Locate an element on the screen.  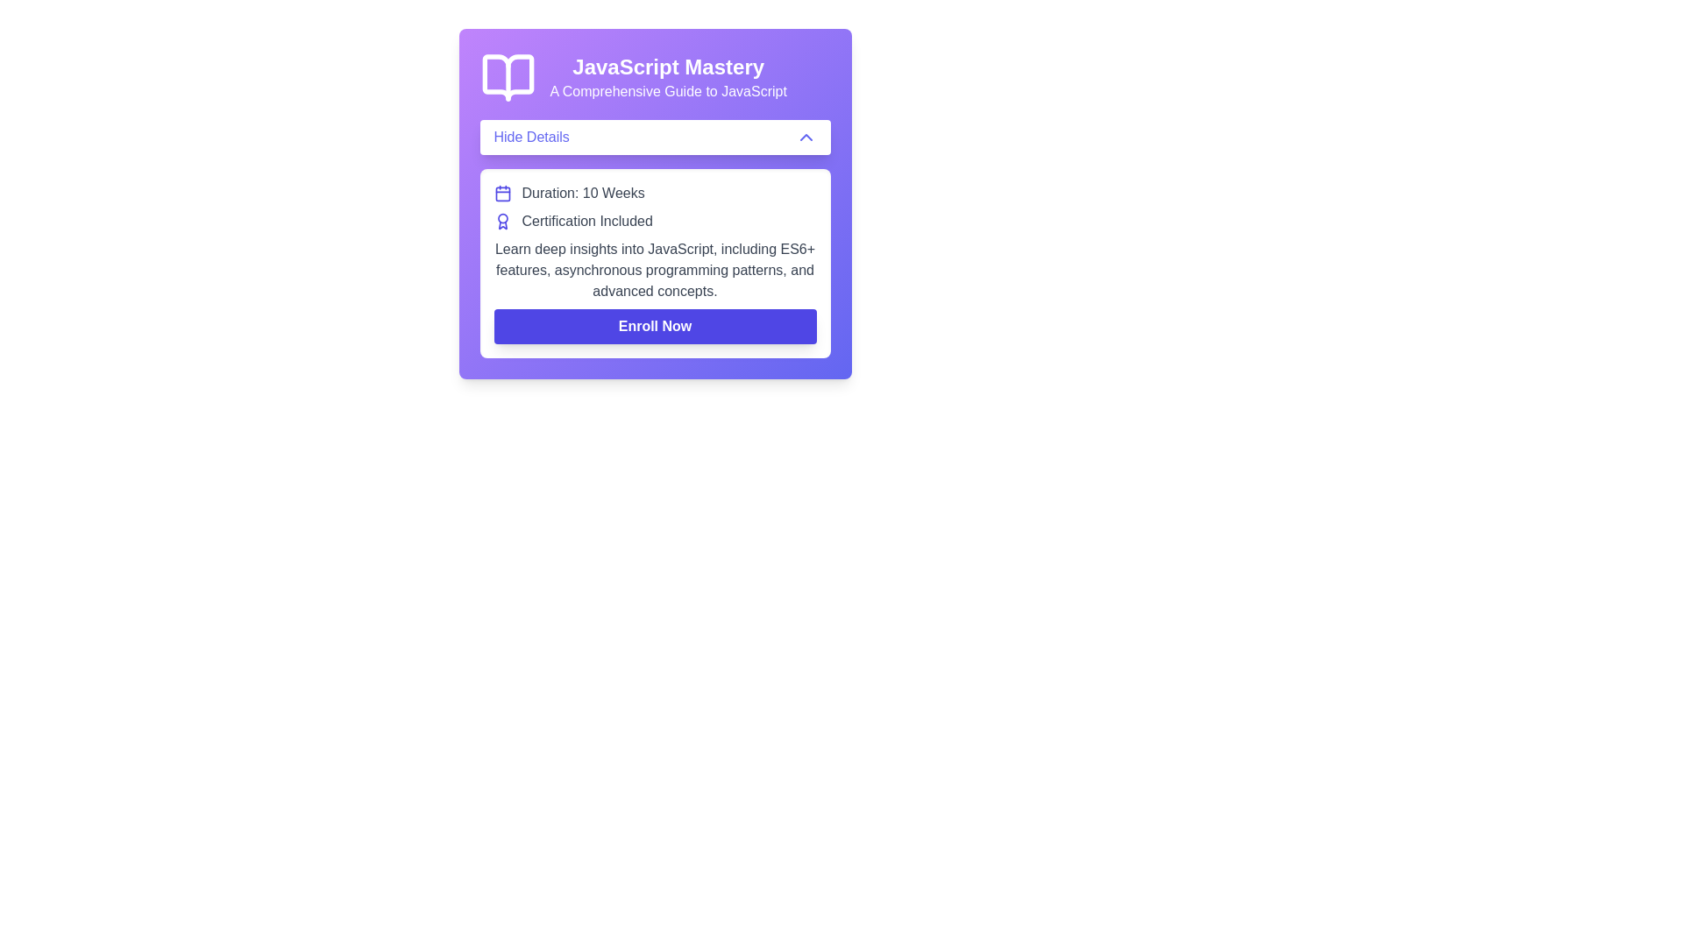
the calendar icon that is positioned on the left side of the text 'Duration: 10 Weeks', serving as an indicator of the duration is located at coordinates (501, 193).